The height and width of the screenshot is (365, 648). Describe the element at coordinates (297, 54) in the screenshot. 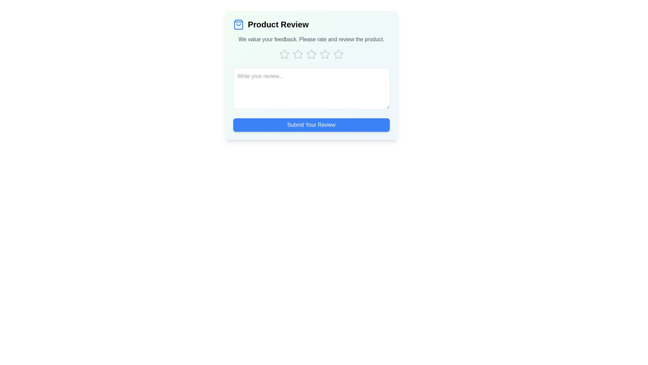

I see `the second star icon used as a rating button in the 'Product Review' section` at that location.